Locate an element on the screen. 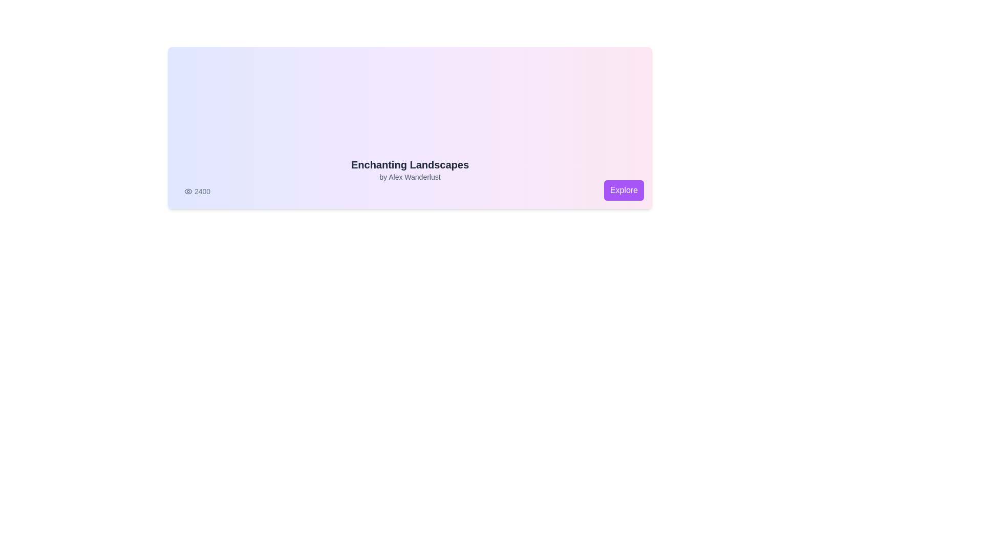 The height and width of the screenshot is (553, 983). the informational text block displaying content details such as title, author, and views located centrally below a decorative image block is located at coordinates (410, 177).